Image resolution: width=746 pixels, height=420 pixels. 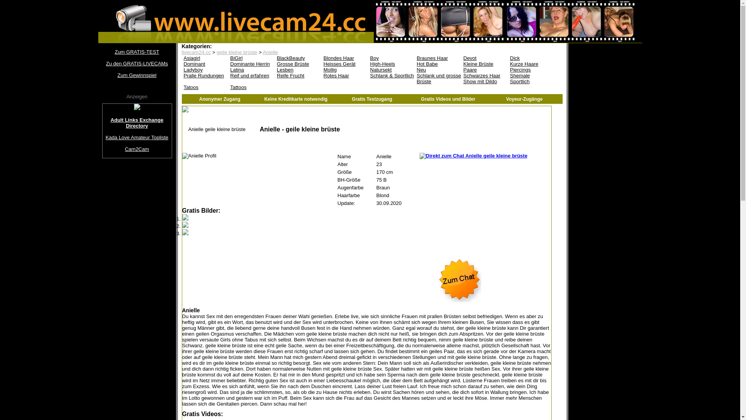 What do you see at coordinates (102, 149) in the screenshot?
I see `'Cam2Cam'` at bounding box center [102, 149].